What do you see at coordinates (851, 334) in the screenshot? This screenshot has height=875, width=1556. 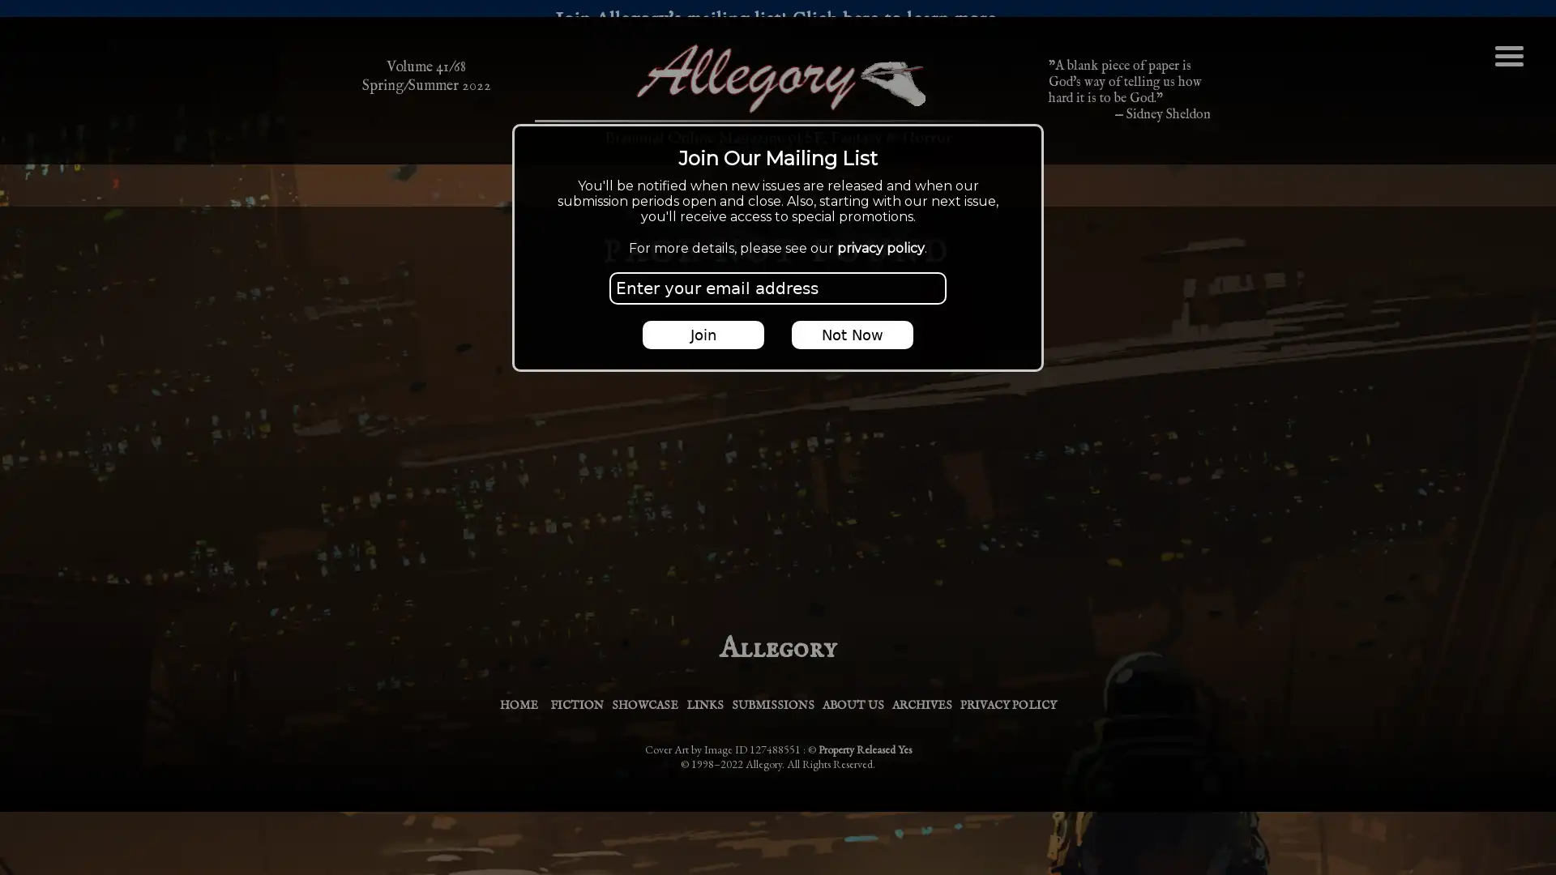 I see `Not Now` at bounding box center [851, 334].